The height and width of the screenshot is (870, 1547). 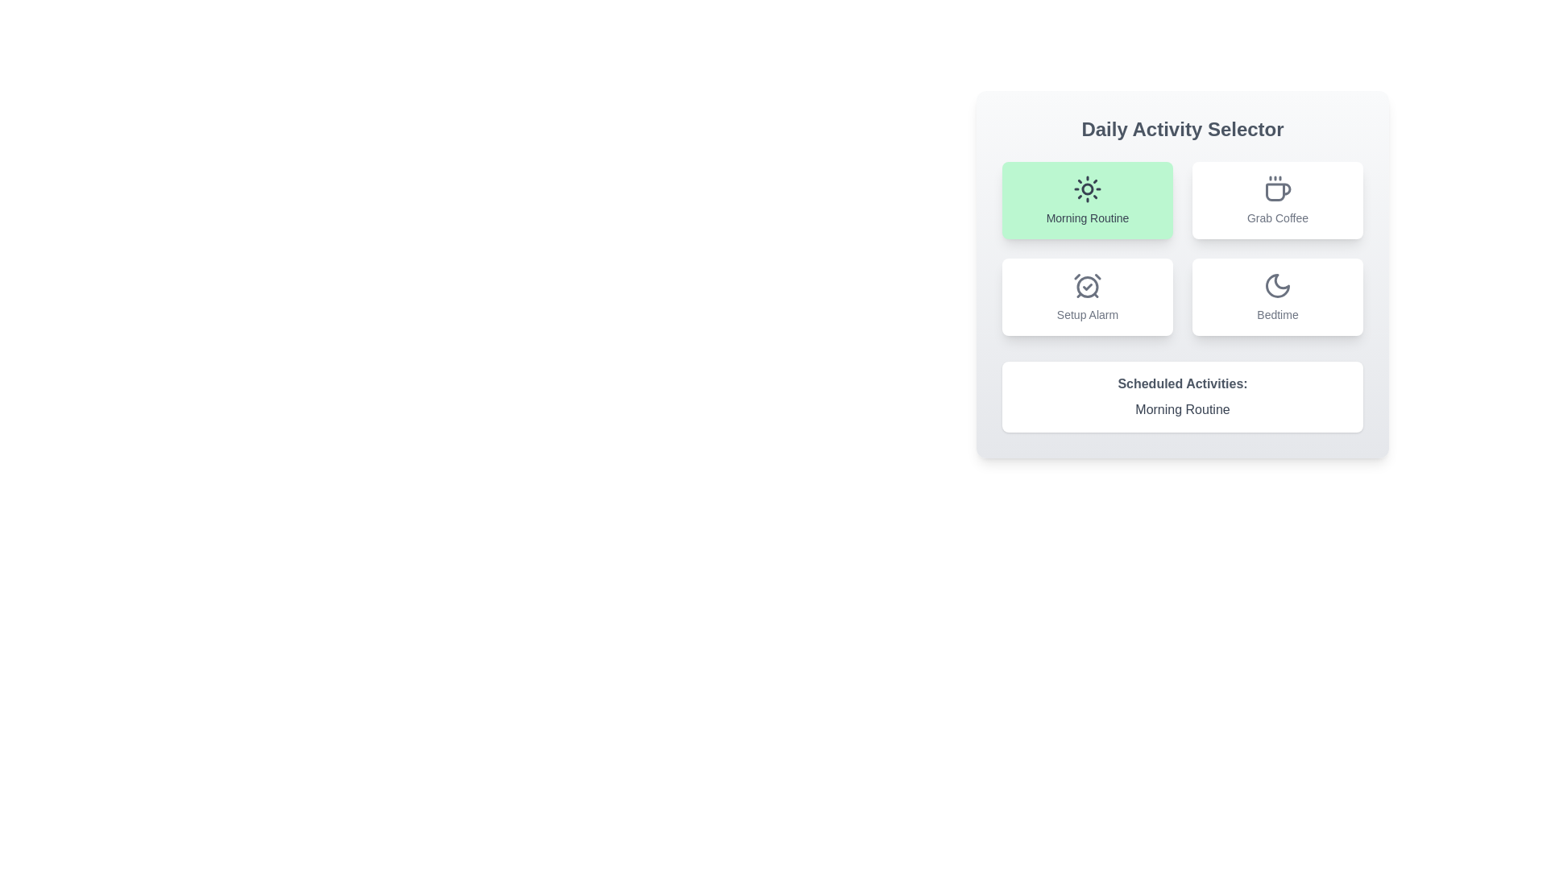 I want to click on the activity Bedtime by clicking its button, so click(x=1276, y=297).